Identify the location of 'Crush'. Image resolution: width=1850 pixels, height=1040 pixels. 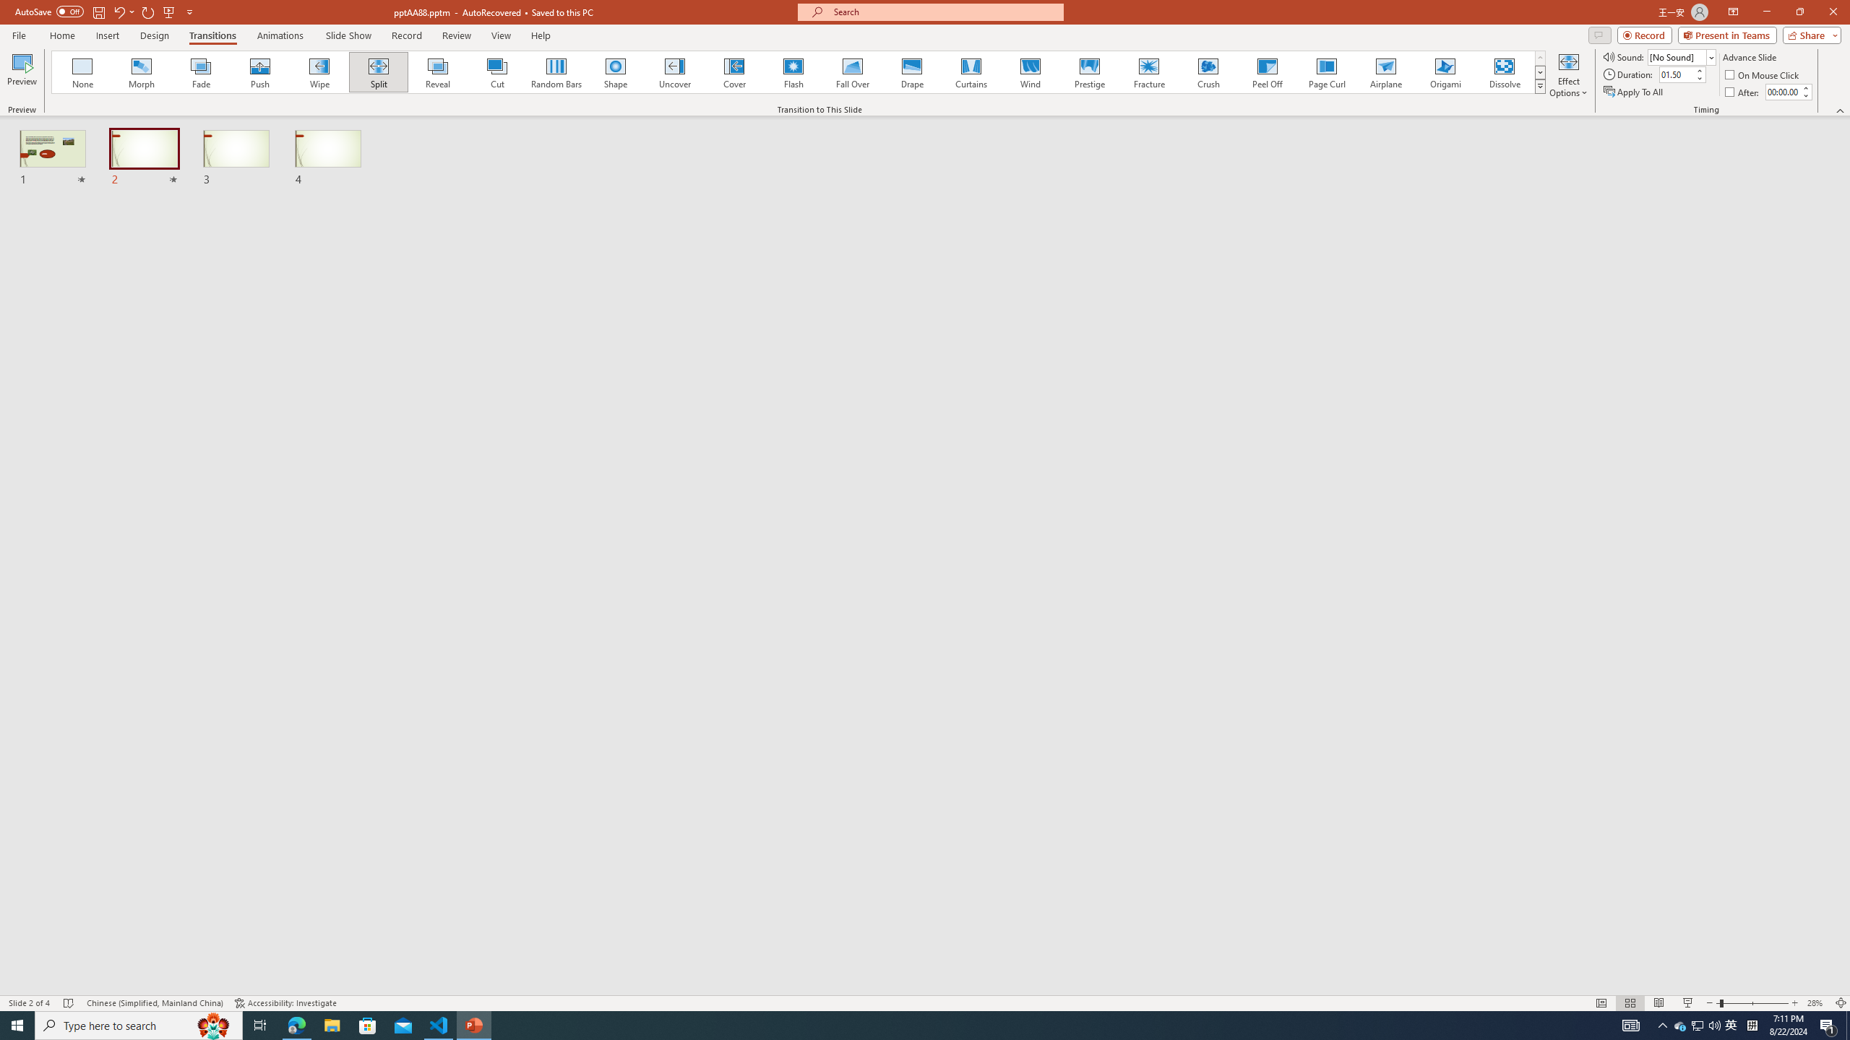
(1208, 71).